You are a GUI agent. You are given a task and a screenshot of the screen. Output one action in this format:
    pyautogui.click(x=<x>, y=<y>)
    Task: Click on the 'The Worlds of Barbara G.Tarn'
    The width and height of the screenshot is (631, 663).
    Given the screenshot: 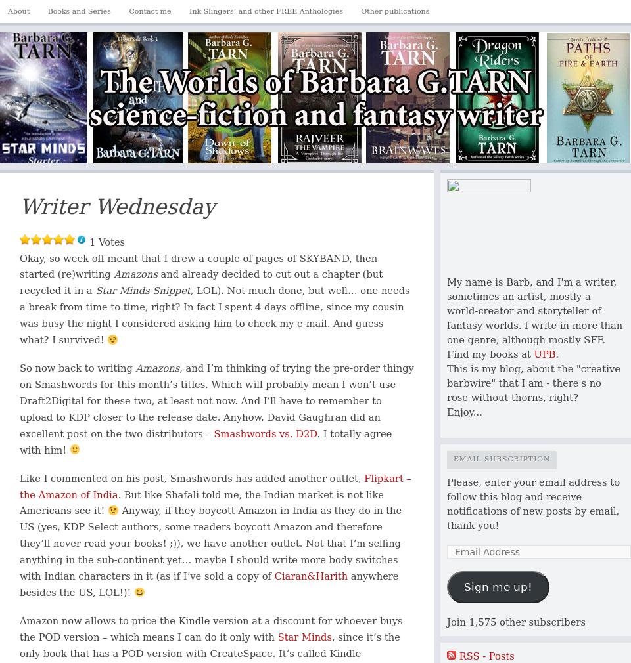 What is the action you would take?
    pyautogui.click(x=108, y=43)
    